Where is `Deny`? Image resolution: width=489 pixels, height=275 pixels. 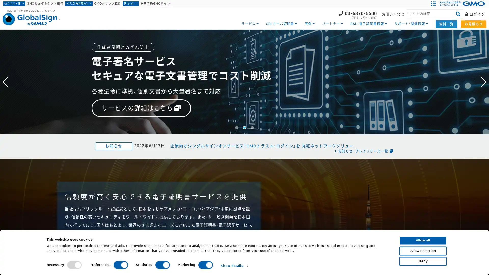
Deny is located at coordinates (423, 261).